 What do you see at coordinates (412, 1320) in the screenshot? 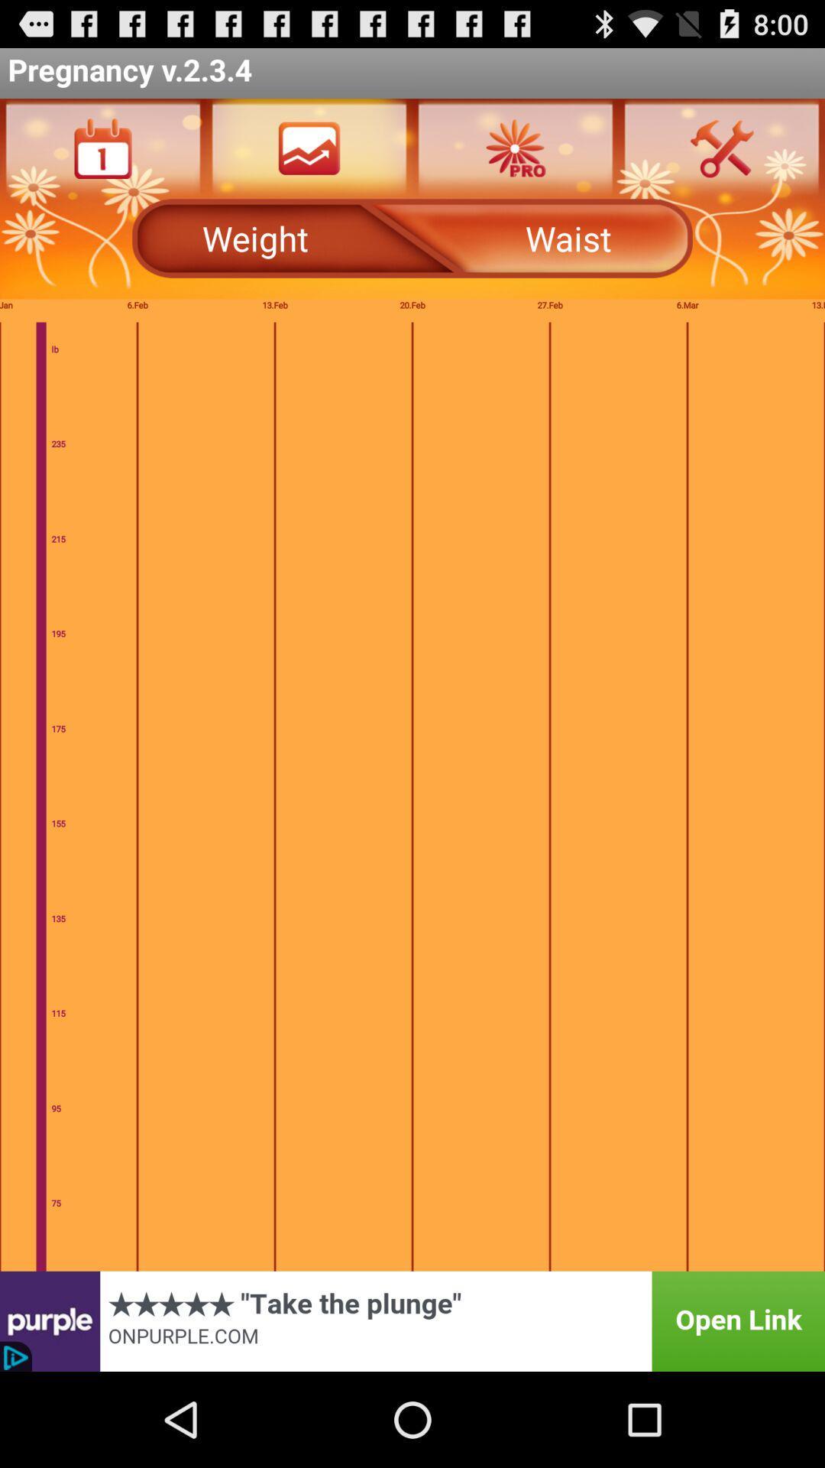
I see `advertisement` at bounding box center [412, 1320].